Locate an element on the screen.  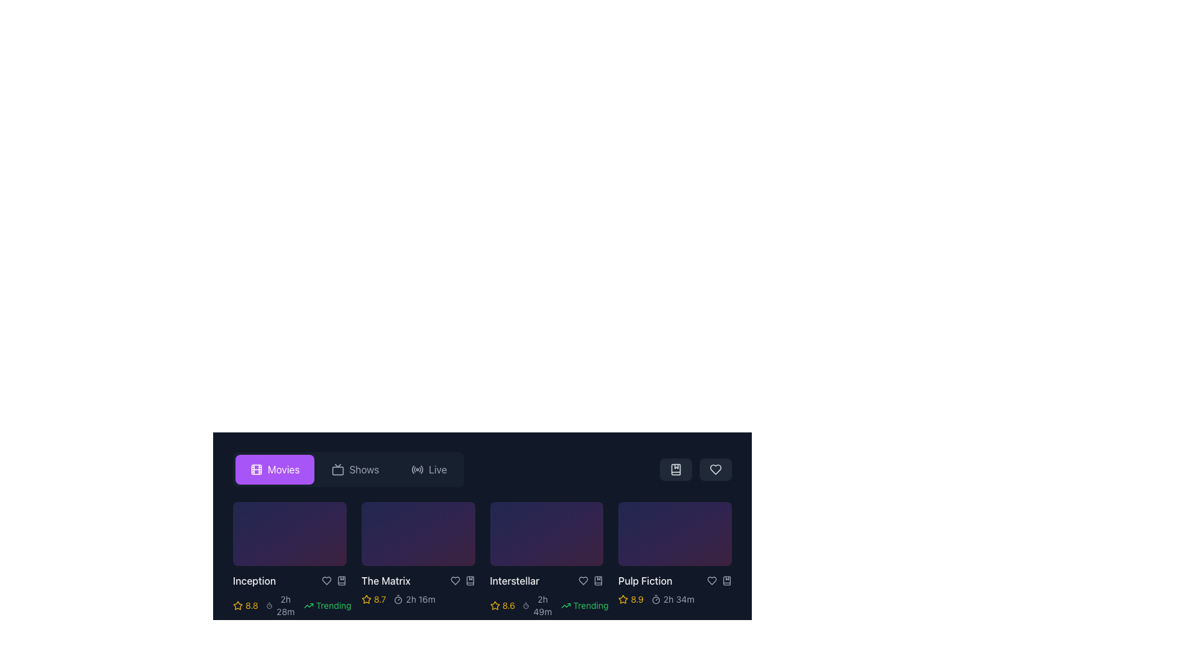
the 'Movies' button with a video-reel icon, which is styled with a purple background and white text, located in the horizontal navigation bar is located at coordinates (274, 470).